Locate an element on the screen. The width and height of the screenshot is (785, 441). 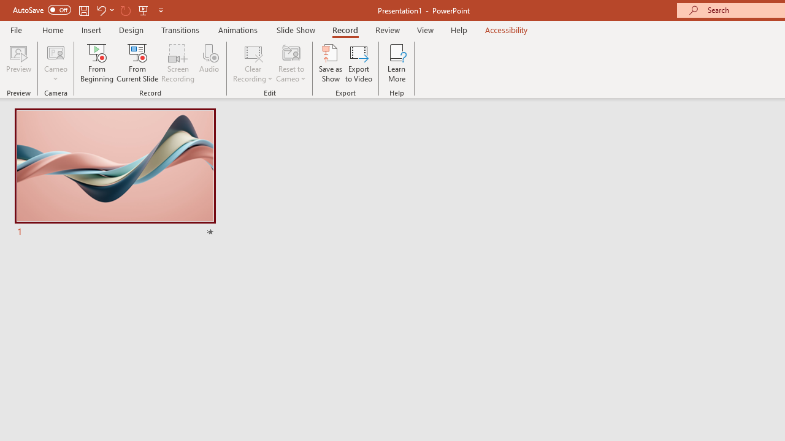
'Learn More' is located at coordinates (397, 63).